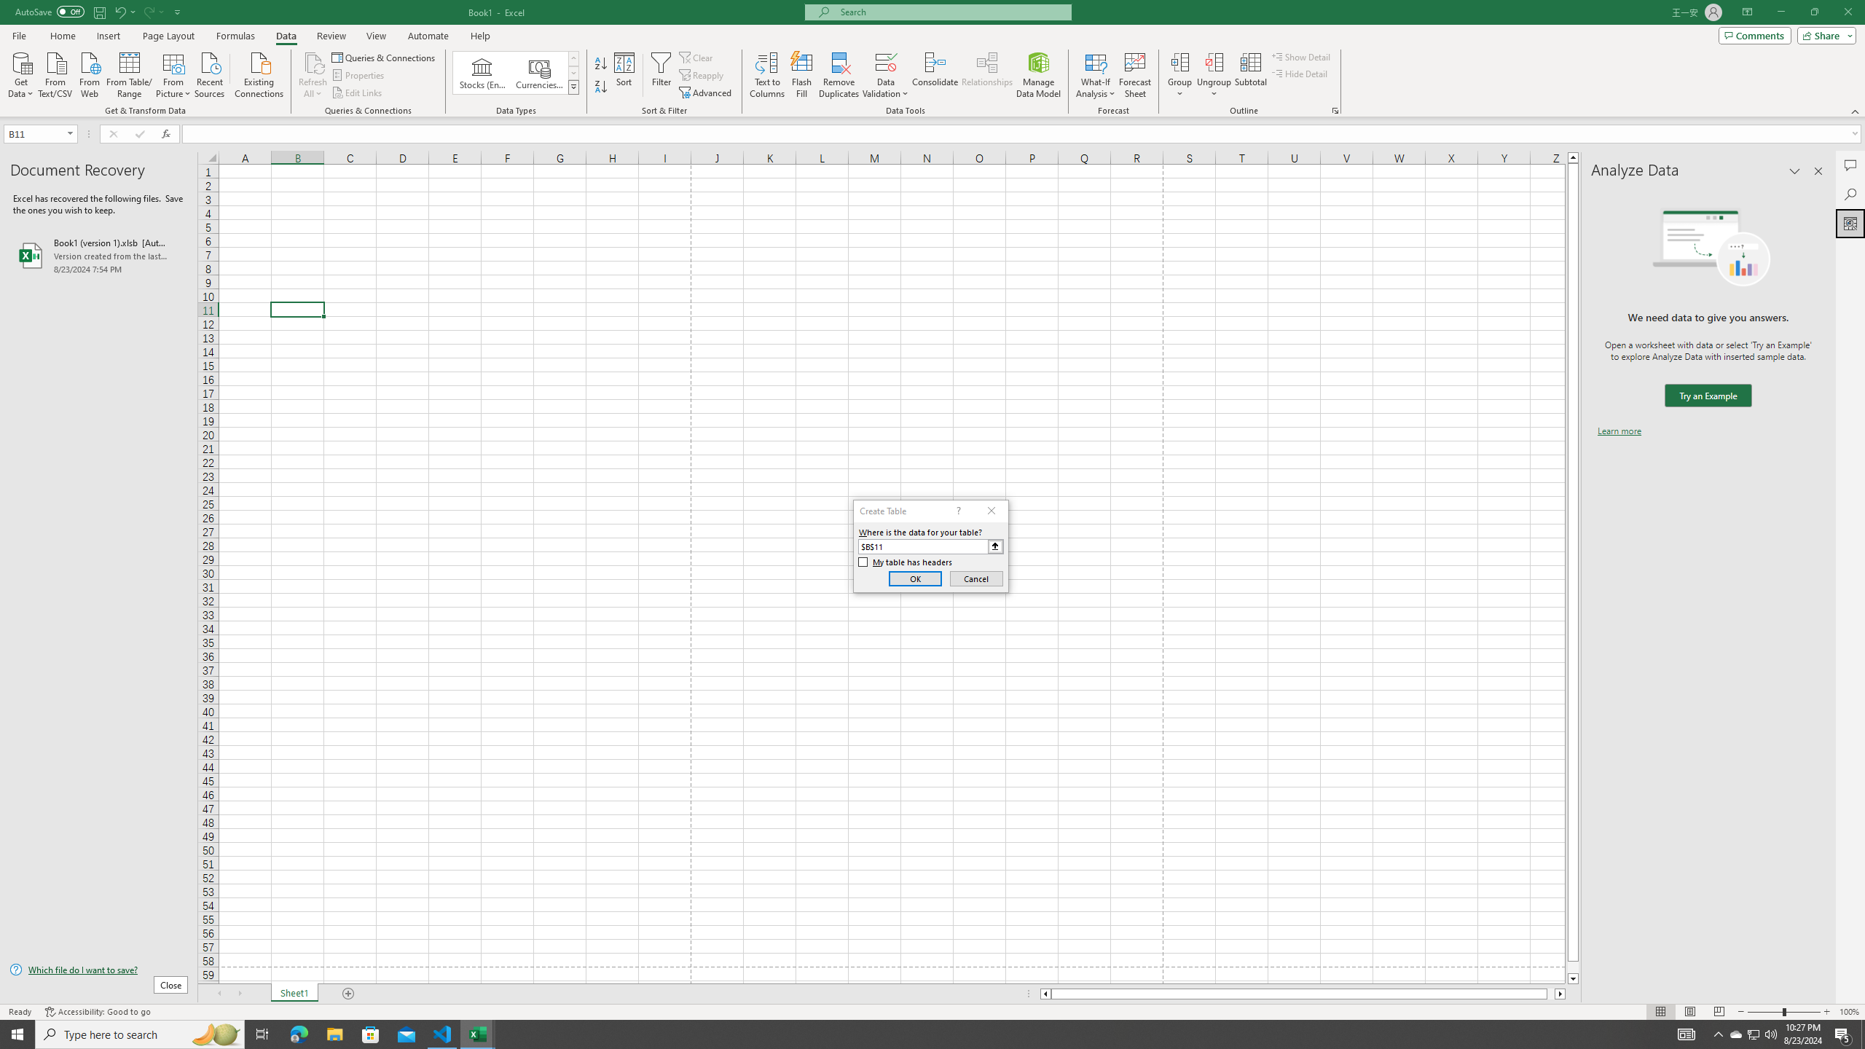  What do you see at coordinates (1573, 157) in the screenshot?
I see `'Line up'` at bounding box center [1573, 157].